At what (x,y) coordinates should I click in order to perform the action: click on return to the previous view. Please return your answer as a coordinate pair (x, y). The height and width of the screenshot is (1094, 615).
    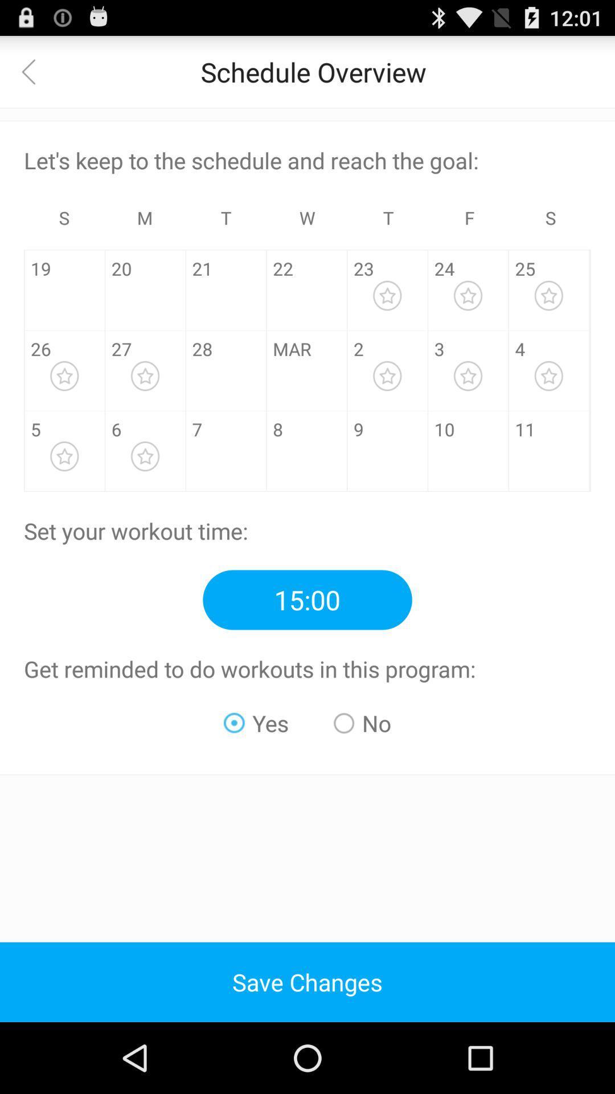
    Looking at the image, I should click on (35, 71).